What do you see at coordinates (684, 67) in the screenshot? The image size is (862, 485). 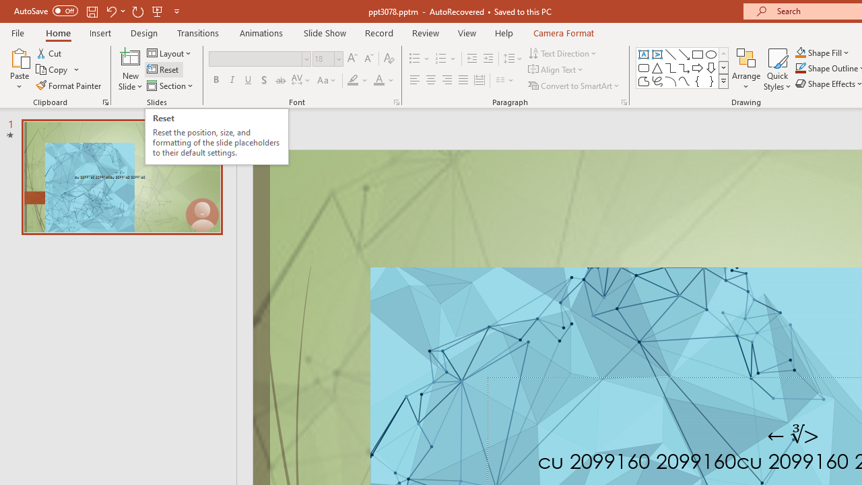 I see `'Connector: Elbow Arrow'` at bounding box center [684, 67].